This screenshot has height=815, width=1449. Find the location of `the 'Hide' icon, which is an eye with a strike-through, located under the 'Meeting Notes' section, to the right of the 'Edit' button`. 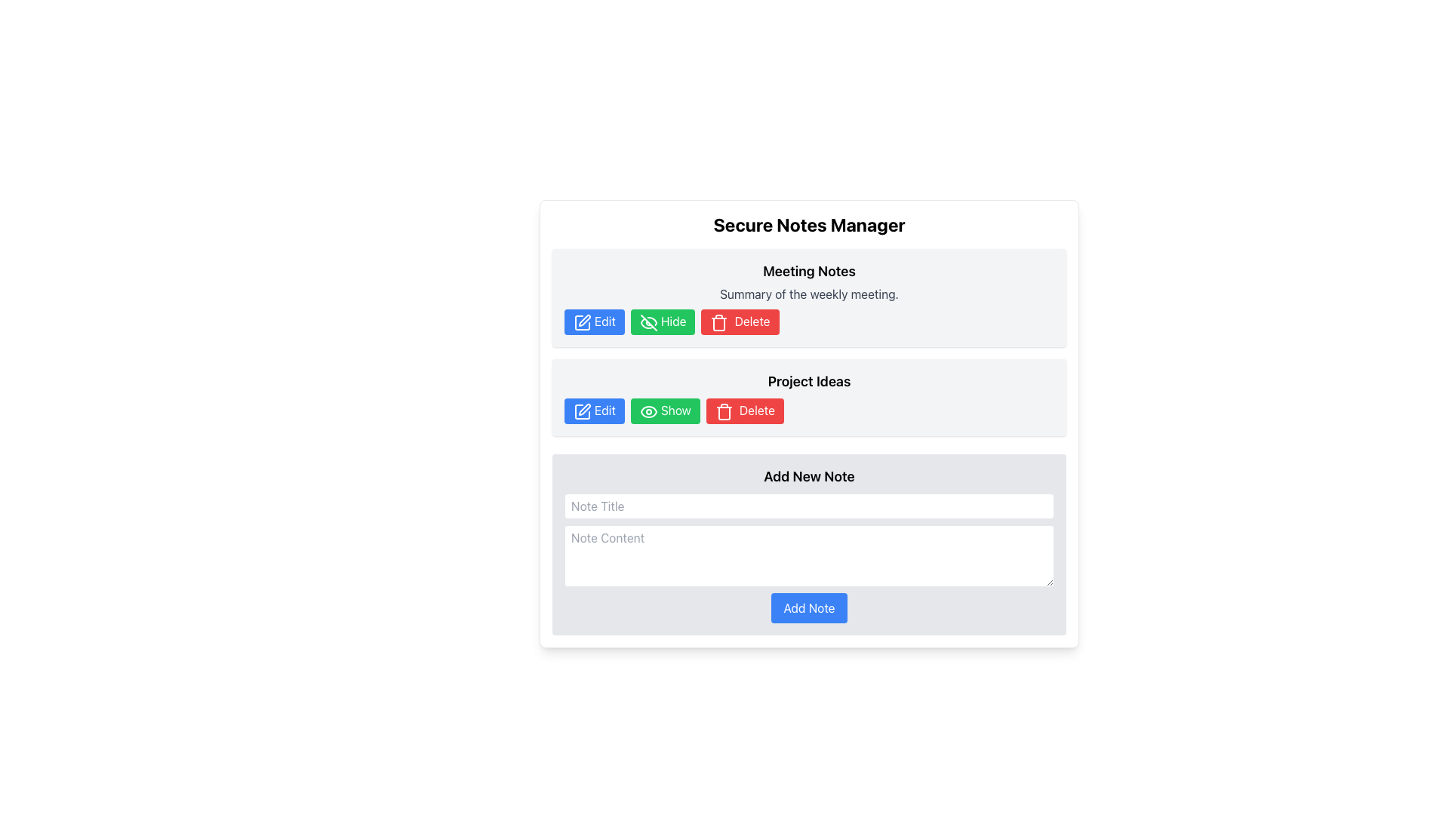

the 'Hide' icon, which is an eye with a strike-through, located under the 'Meeting Notes' section, to the right of the 'Edit' button is located at coordinates (648, 321).